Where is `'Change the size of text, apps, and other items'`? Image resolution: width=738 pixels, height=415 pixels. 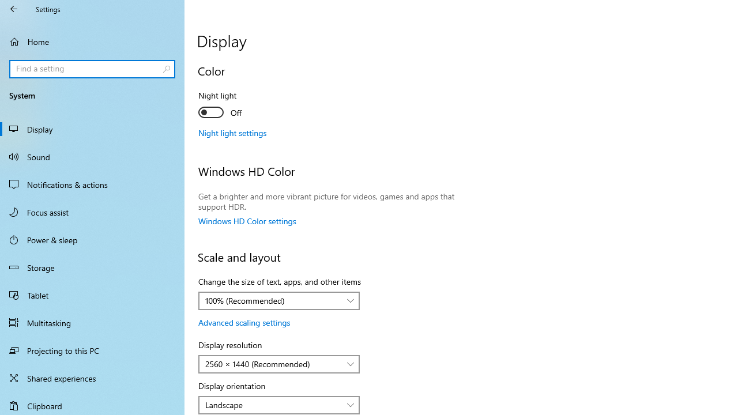
'Change the size of text, apps, and other items' is located at coordinates (279, 300).